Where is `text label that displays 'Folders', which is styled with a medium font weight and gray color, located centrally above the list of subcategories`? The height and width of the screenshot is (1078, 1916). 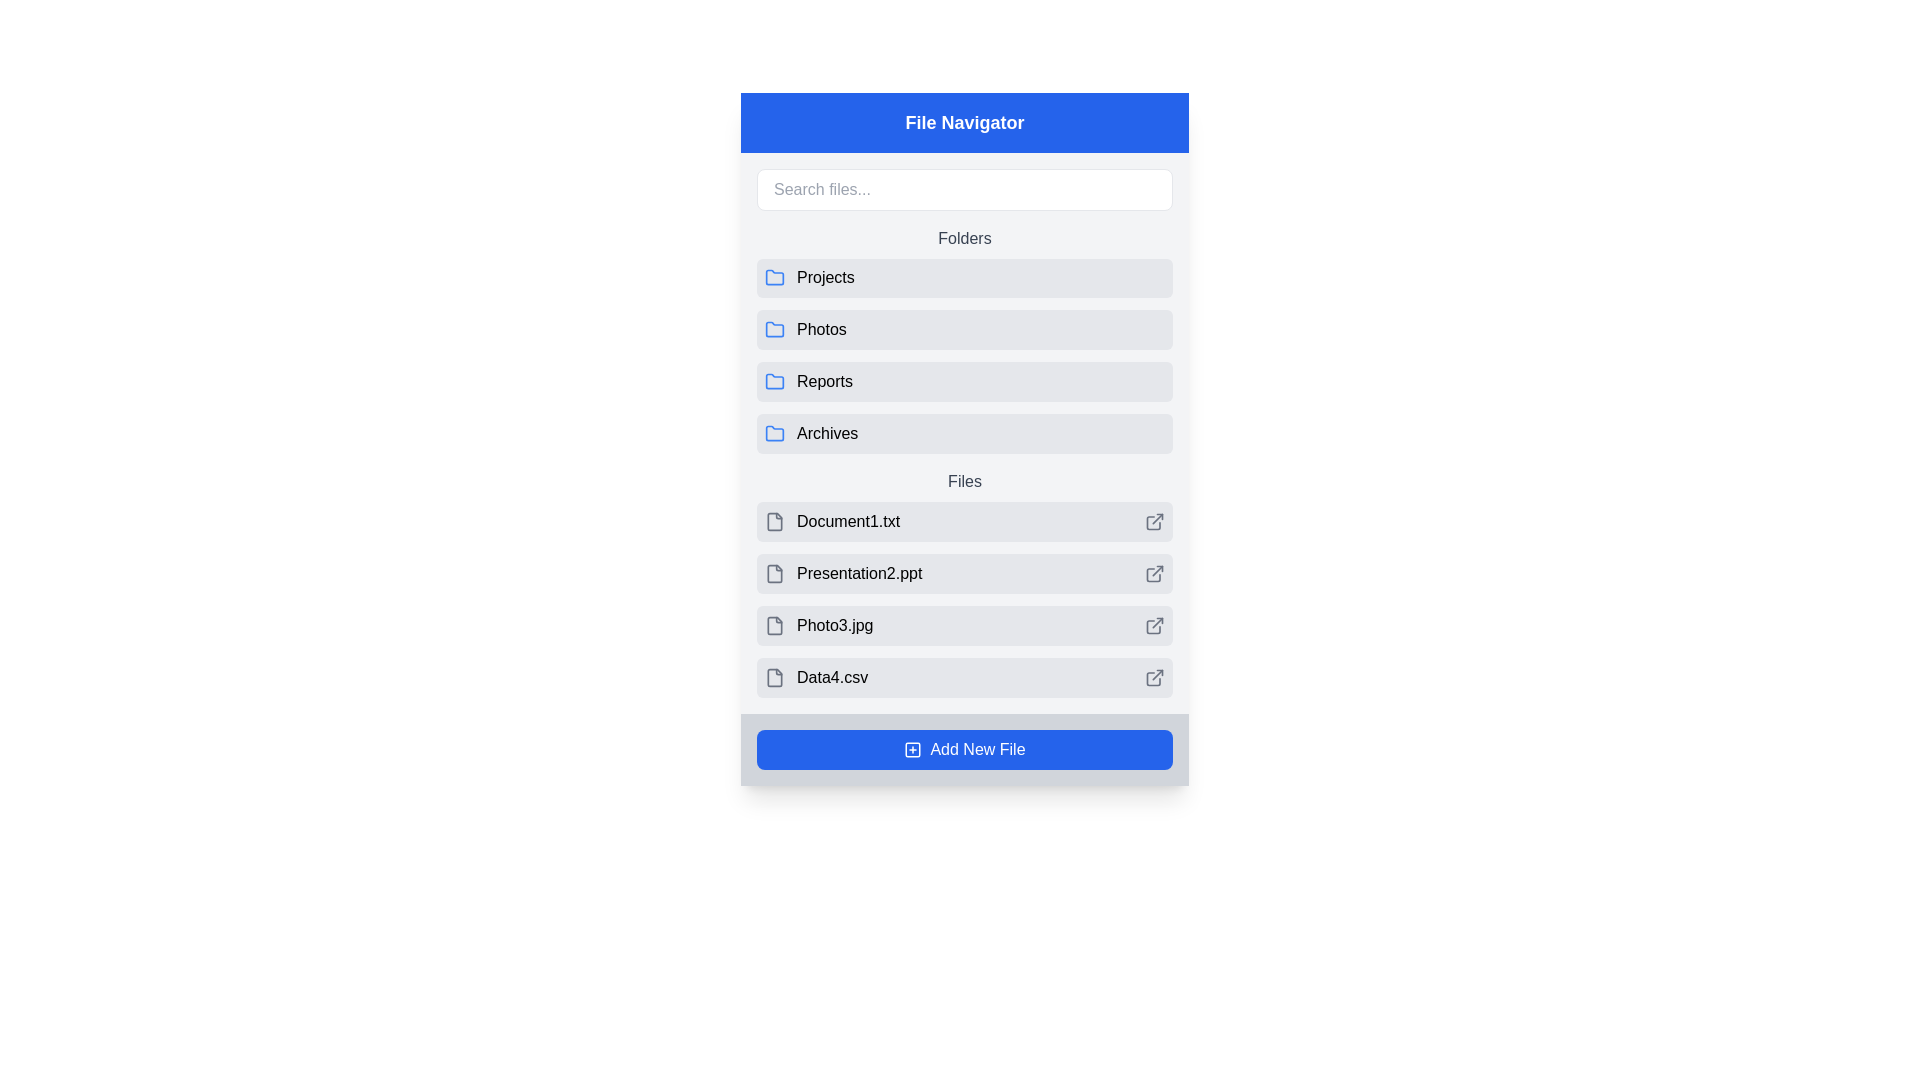 text label that displays 'Folders', which is styled with a medium font weight and gray color, located centrally above the list of subcategories is located at coordinates (964, 238).